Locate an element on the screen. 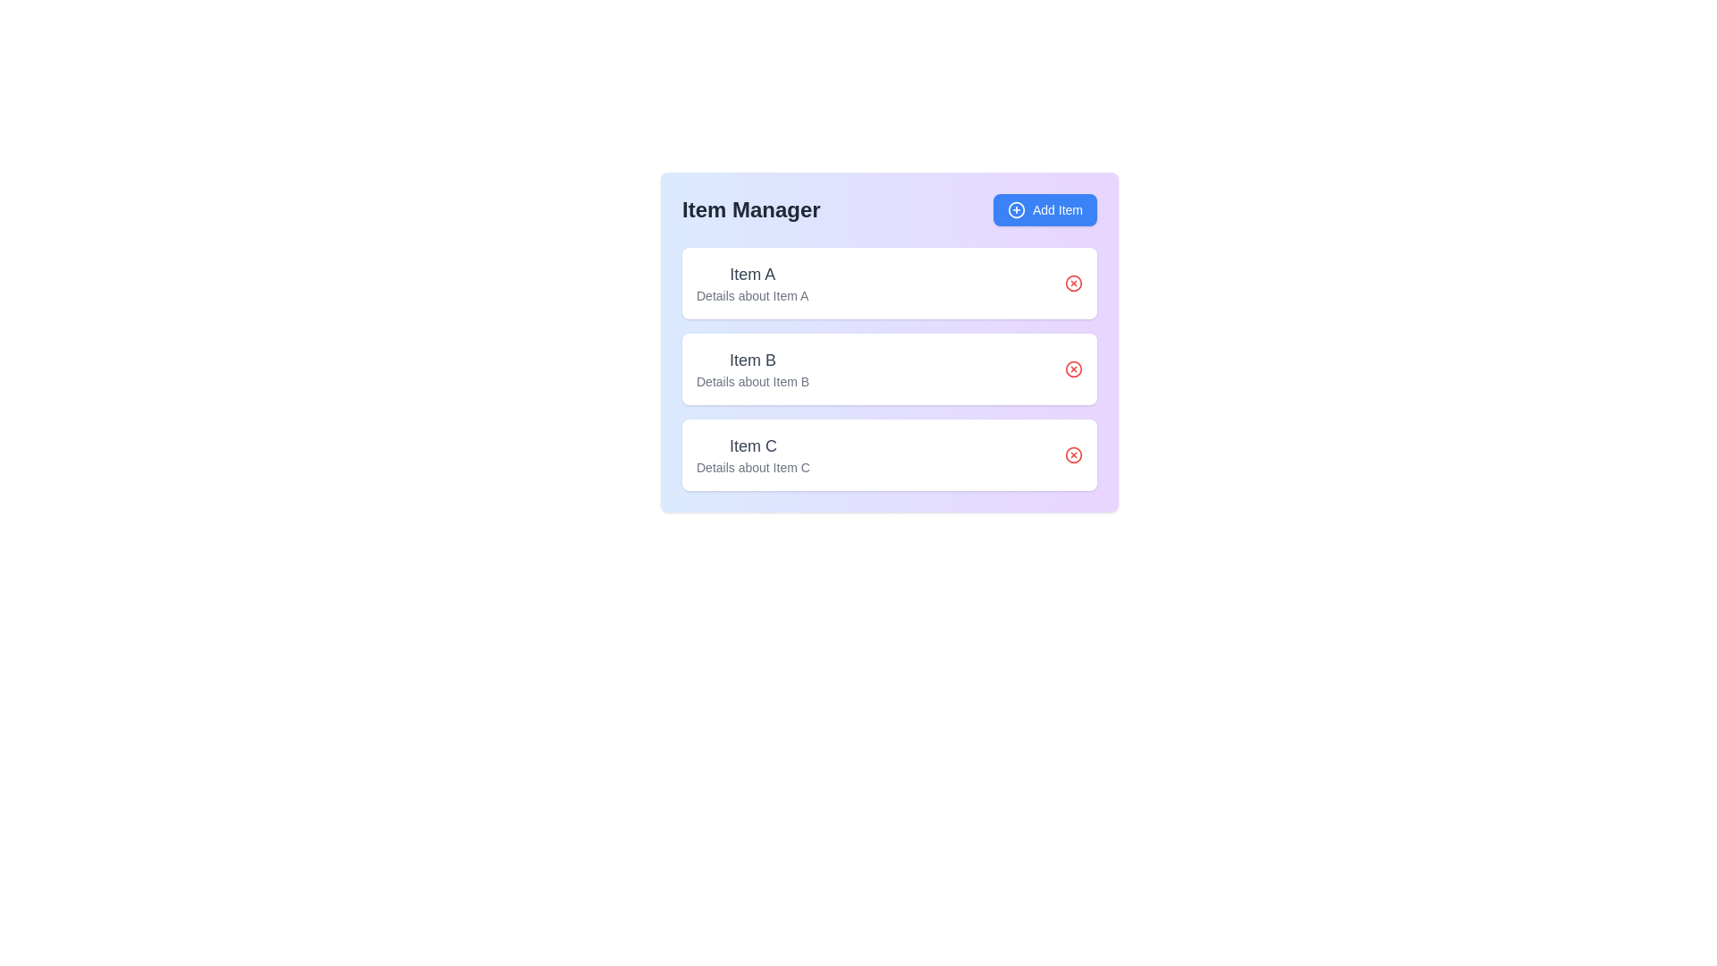  delete button for the item with name Item A is located at coordinates (1073, 282).